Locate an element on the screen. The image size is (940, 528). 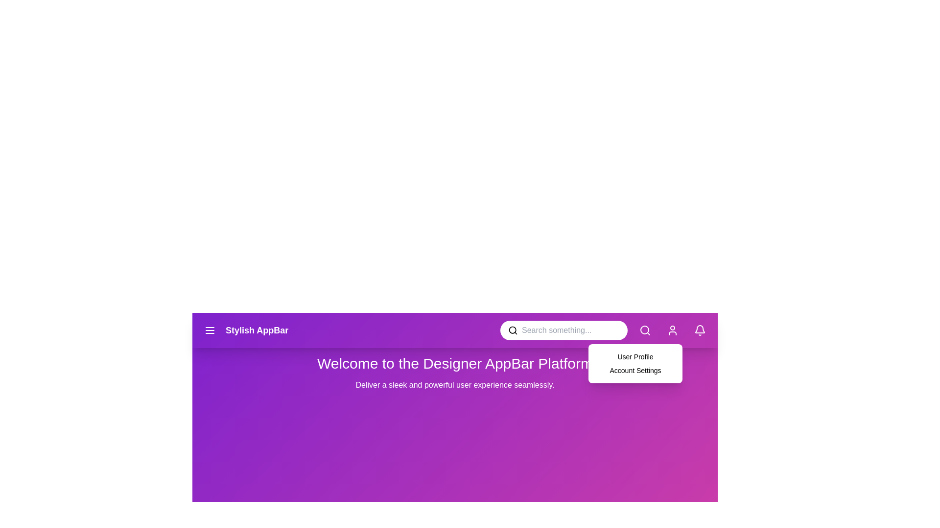
the search bar and type 'example text' is located at coordinates (571, 330).